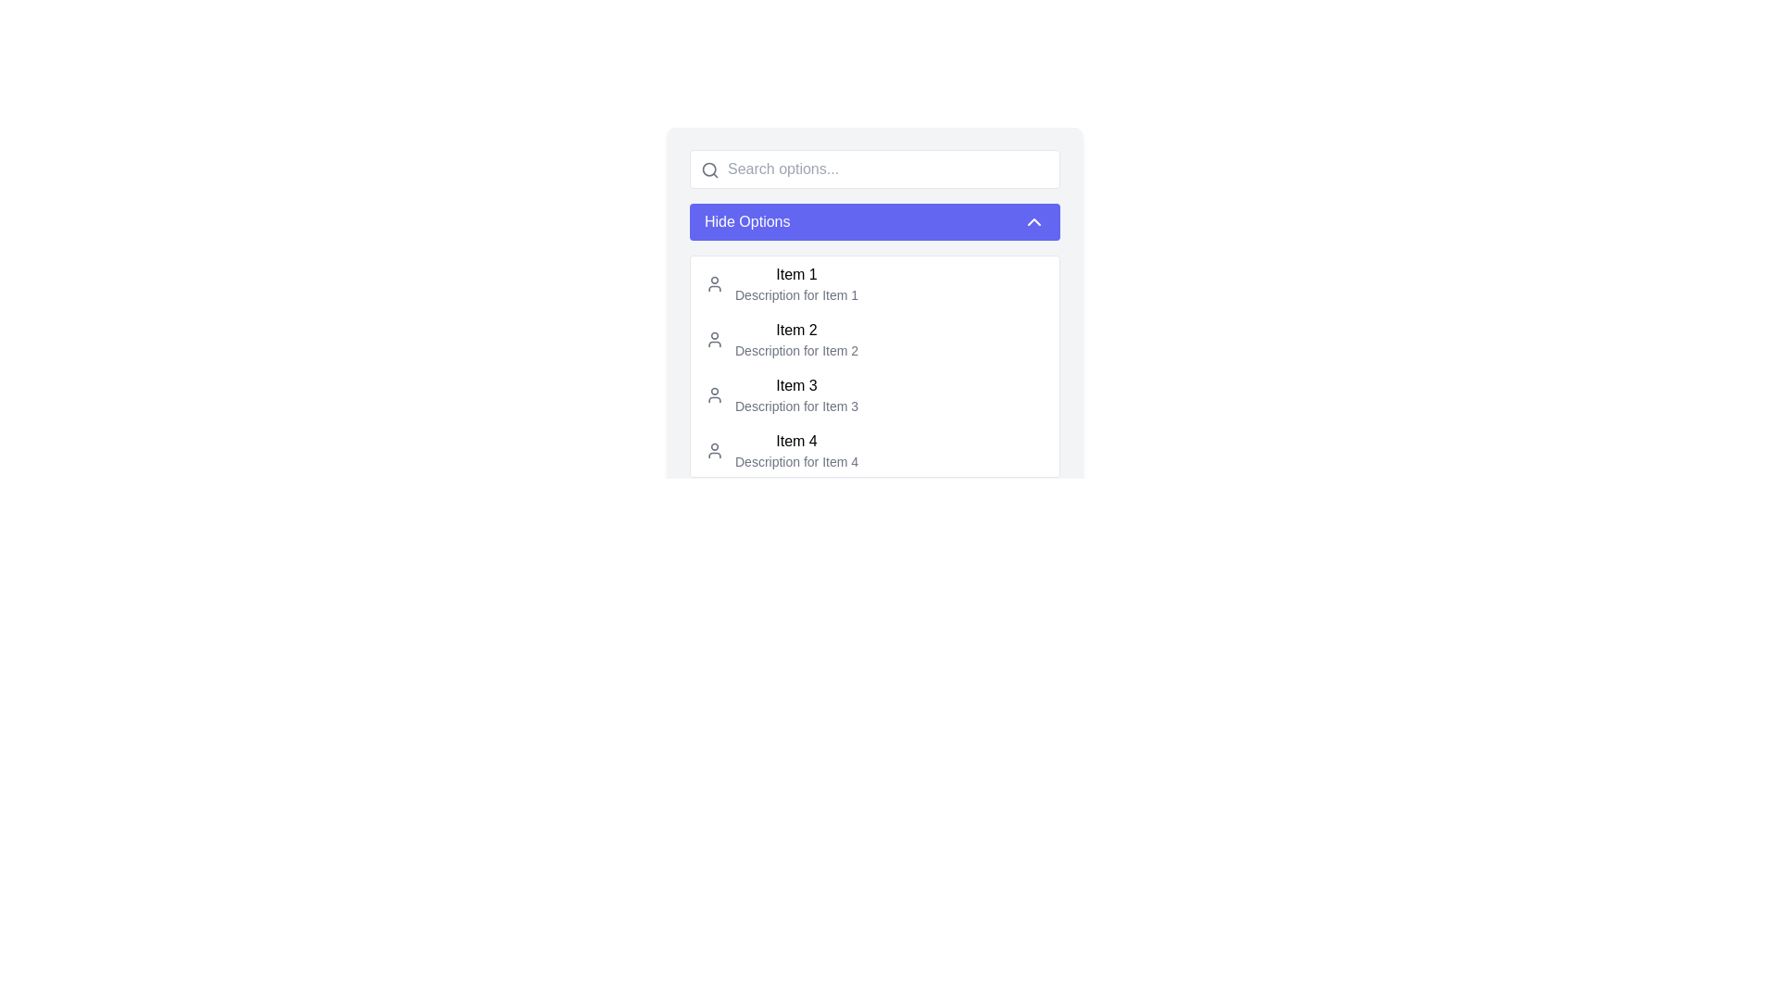 The width and height of the screenshot is (1778, 1000). What do you see at coordinates (796, 394) in the screenshot?
I see `the List item with descriptive text that displays 'Item 3' in bold and 'Description for Item 3' in a smaller font` at bounding box center [796, 394].